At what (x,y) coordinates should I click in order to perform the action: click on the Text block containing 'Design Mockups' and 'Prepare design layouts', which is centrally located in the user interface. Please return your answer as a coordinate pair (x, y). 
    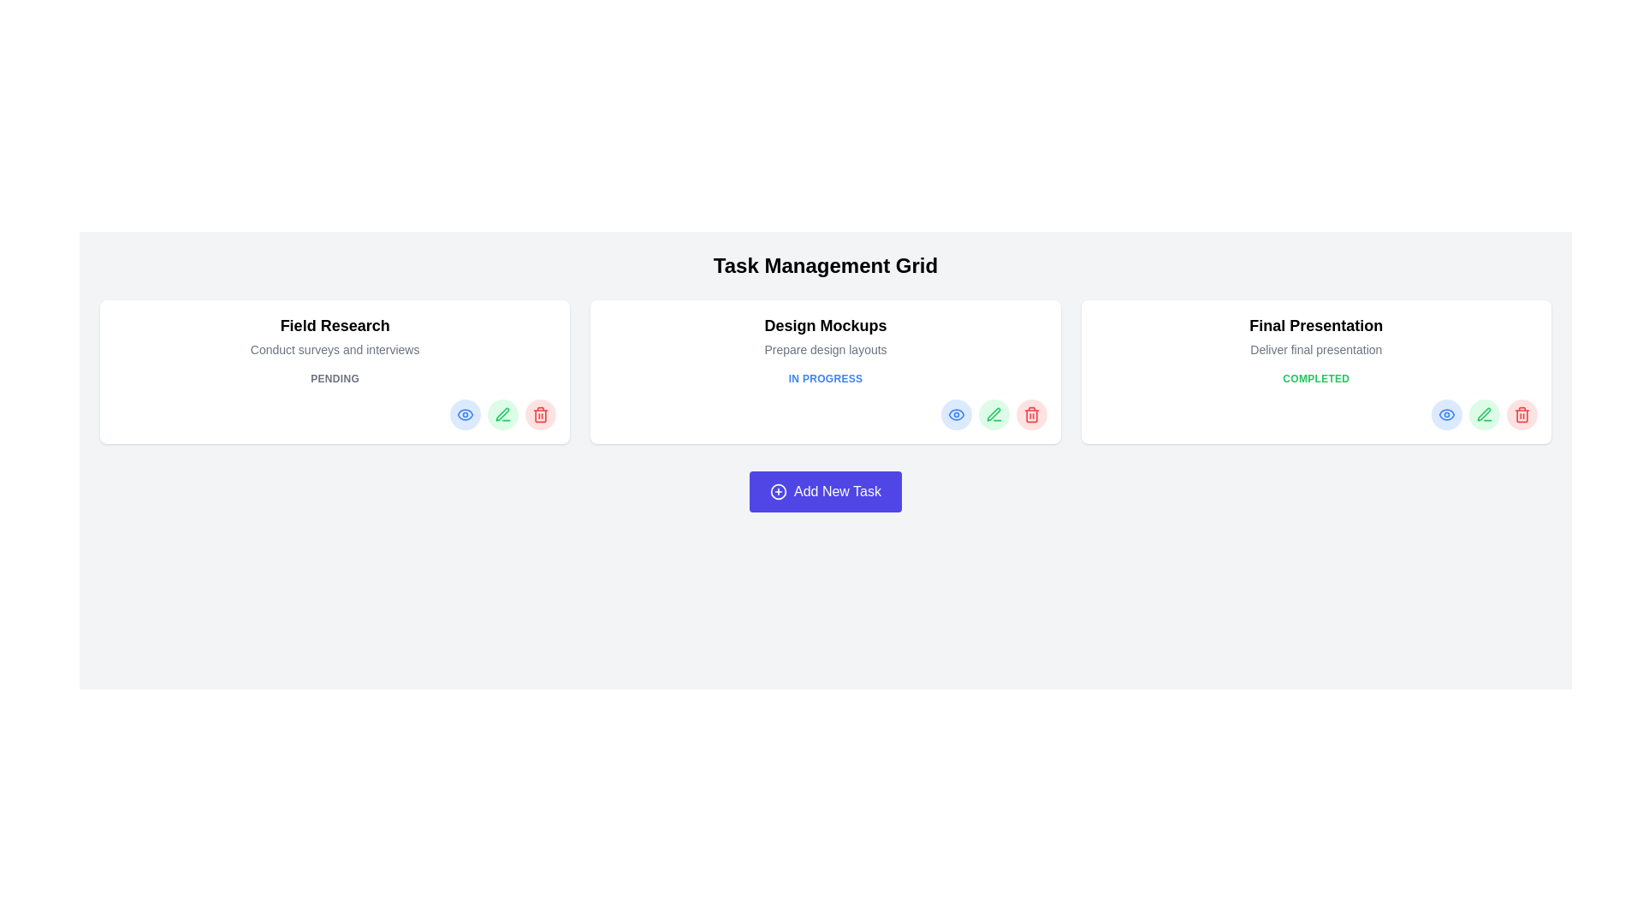
    Looking at the image, I should click on (825, 336).